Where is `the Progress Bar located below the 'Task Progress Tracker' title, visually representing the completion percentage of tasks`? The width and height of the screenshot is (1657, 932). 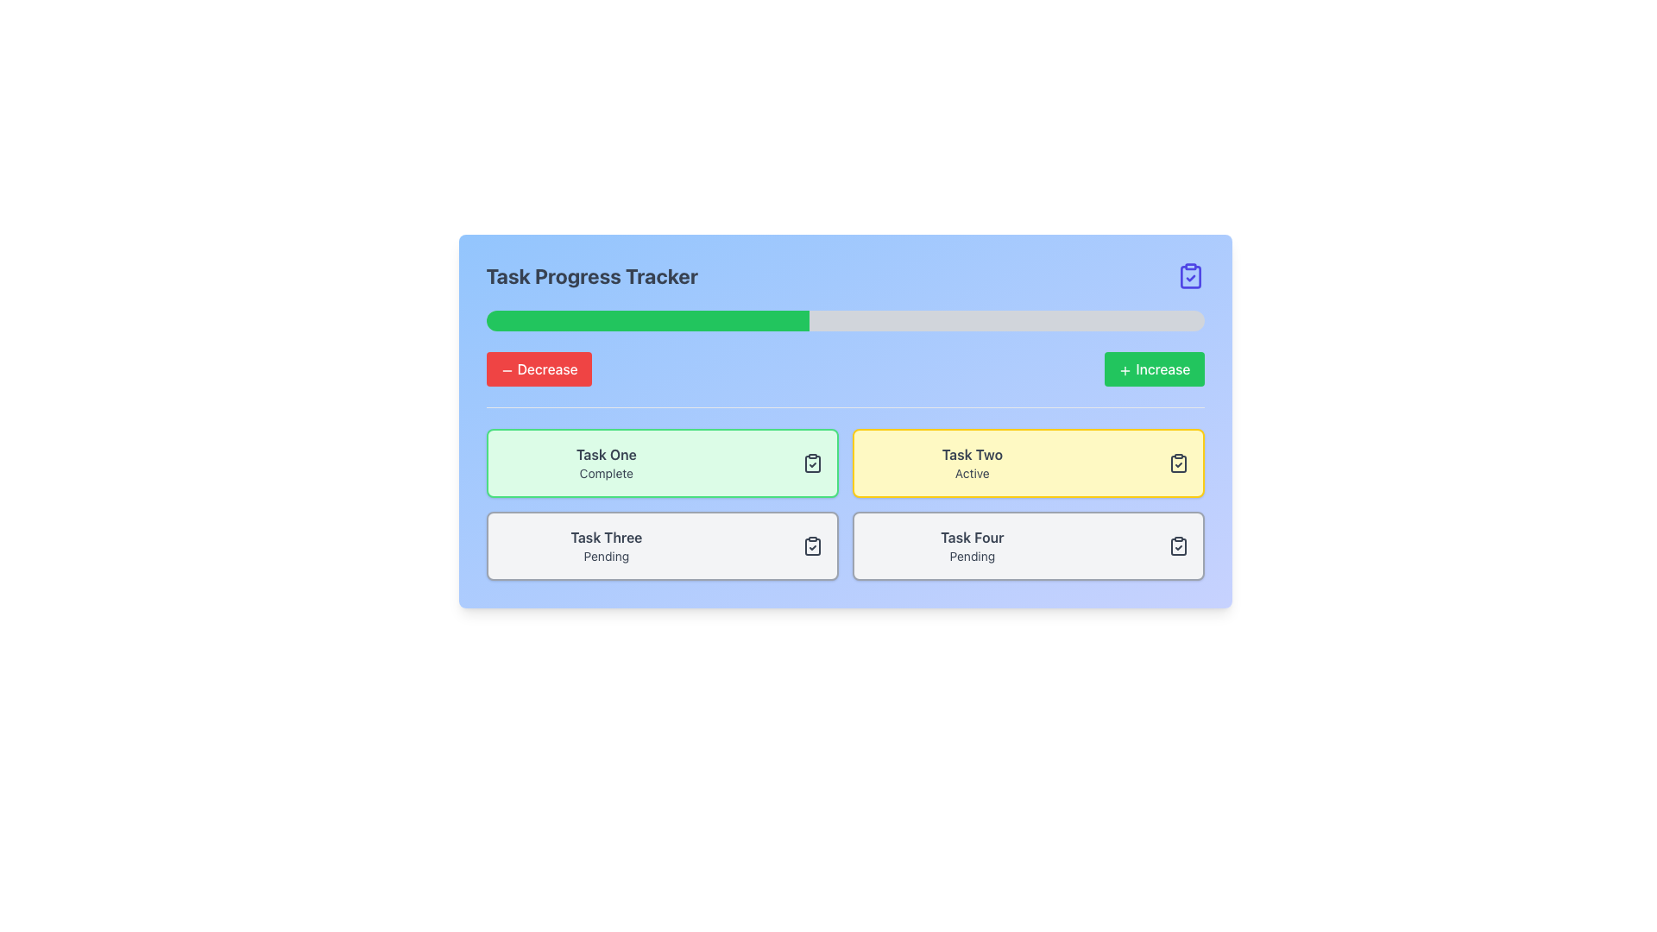 the Progress Bar located below the 'Task Progress Tracker' title, visually representing the completion percentage of tasks is located at coordinates (845, 320).